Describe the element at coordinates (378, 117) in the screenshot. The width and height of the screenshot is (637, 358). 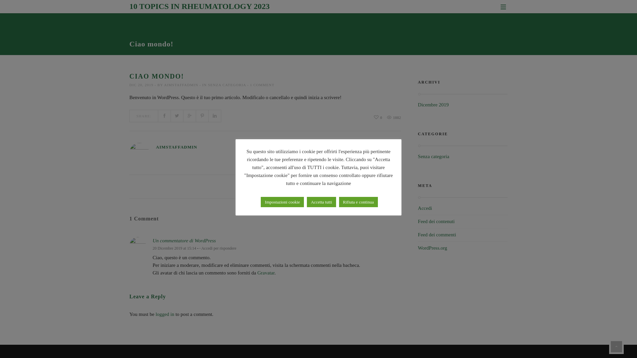
I see `'0'` at that location.